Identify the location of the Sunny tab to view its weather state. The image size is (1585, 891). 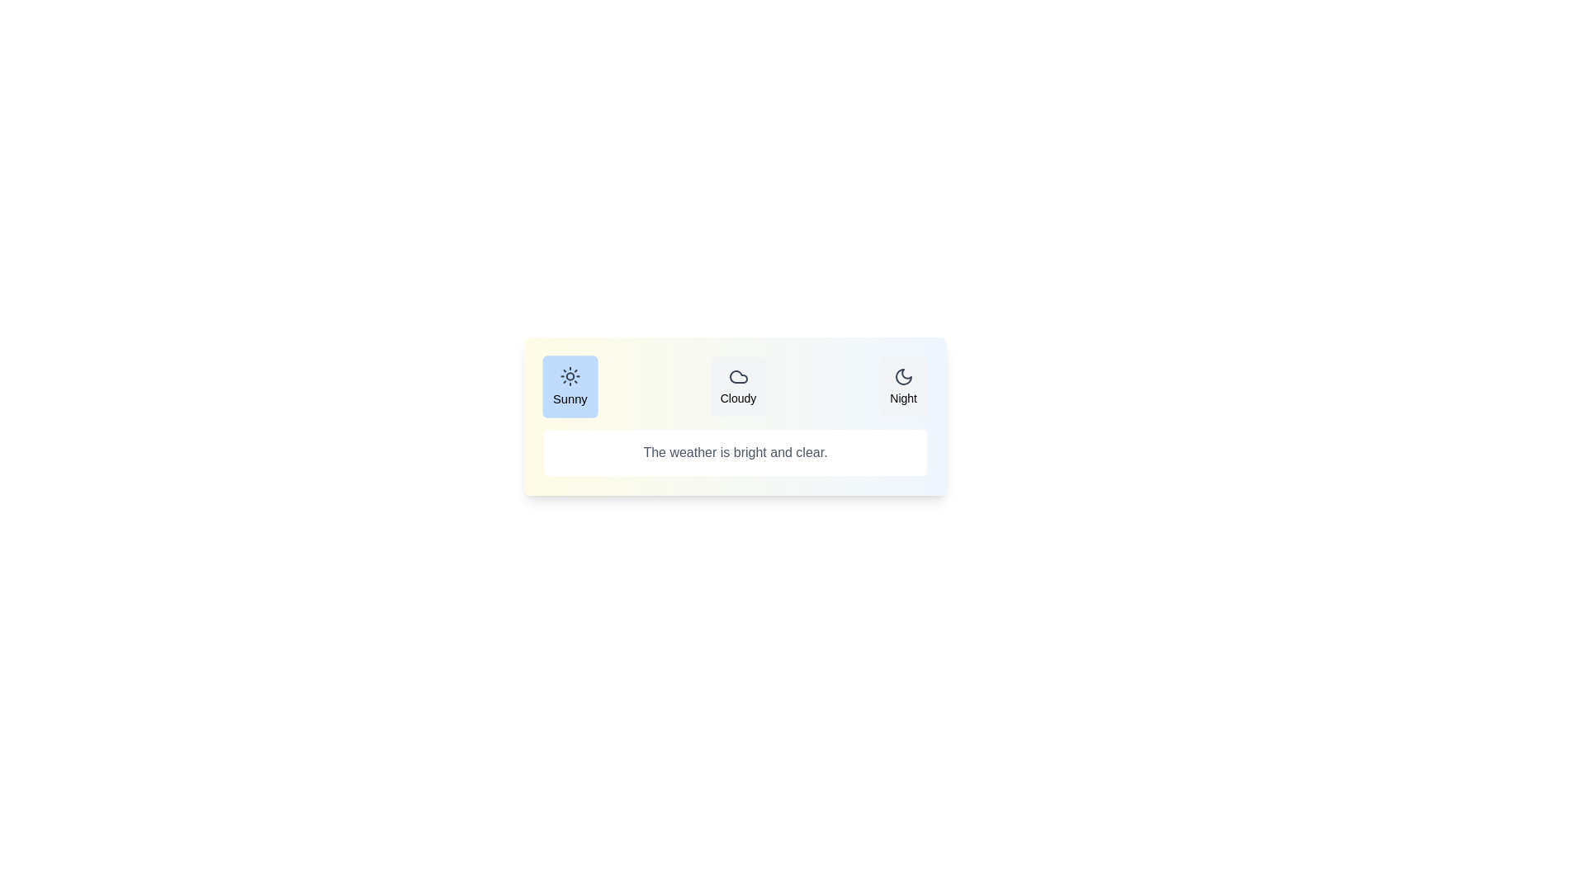
(570, 387).